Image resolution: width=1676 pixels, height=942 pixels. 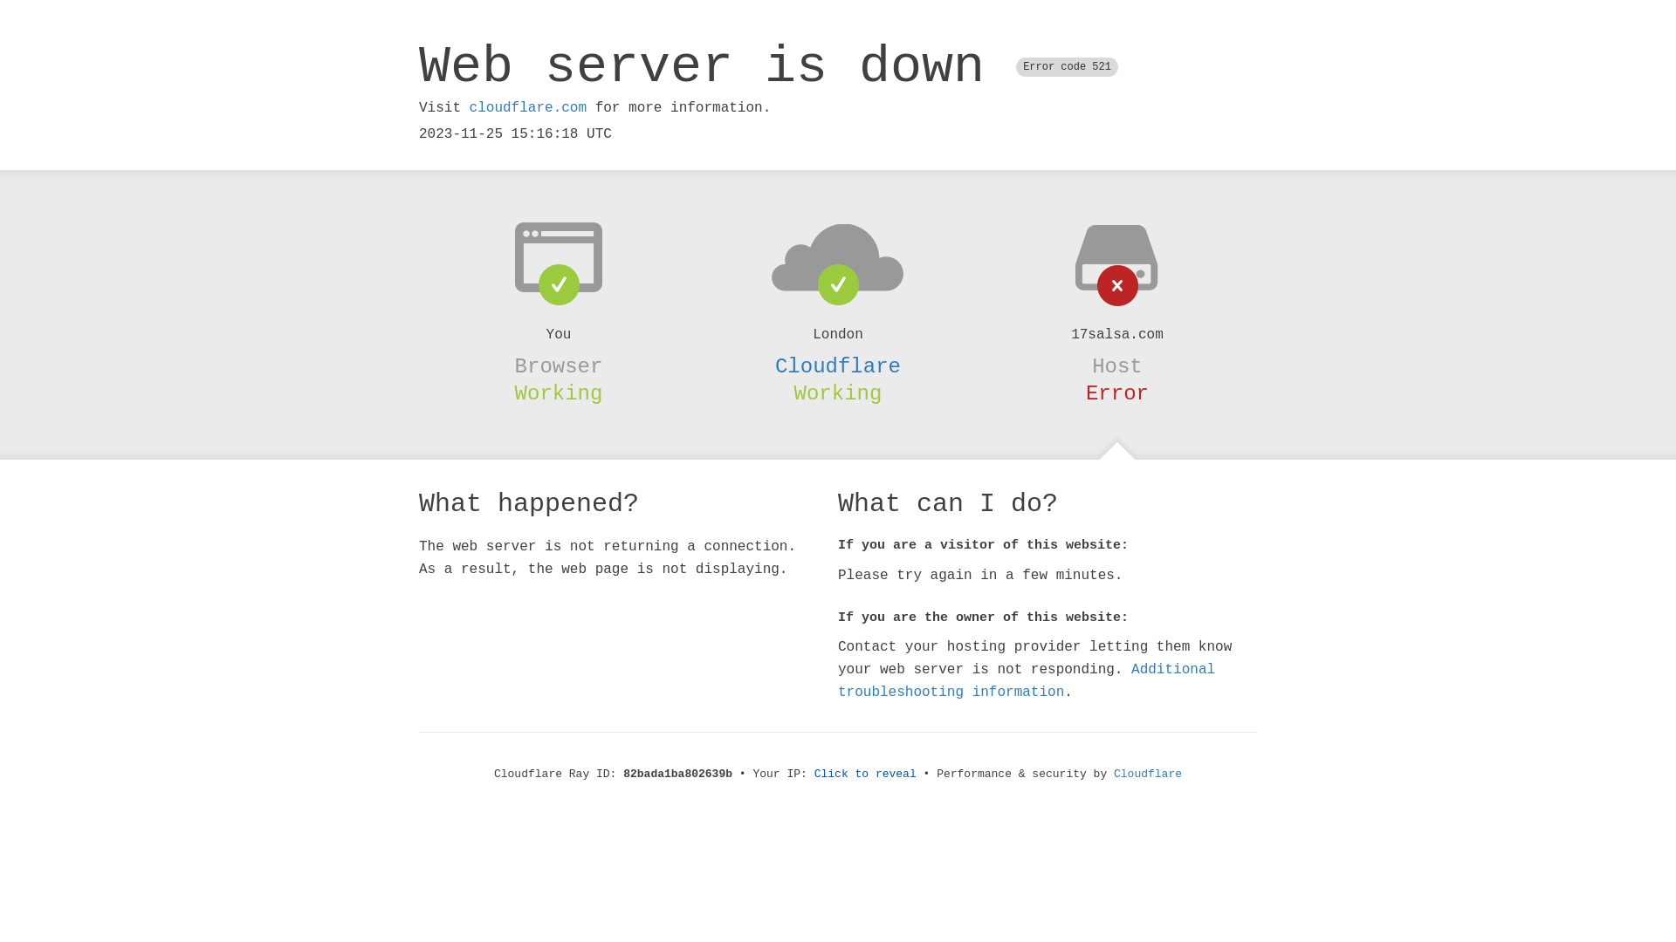 What do you see at coordinates (1027, 679) in the screenshot?
I see `'Additional troubleshooting information'` at bounding box center [1027, 679].